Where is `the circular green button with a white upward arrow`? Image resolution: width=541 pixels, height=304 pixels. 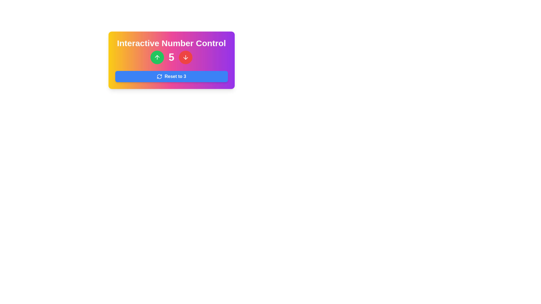 the circular green button with a white upward arrow is located at coordinates (157, 57).